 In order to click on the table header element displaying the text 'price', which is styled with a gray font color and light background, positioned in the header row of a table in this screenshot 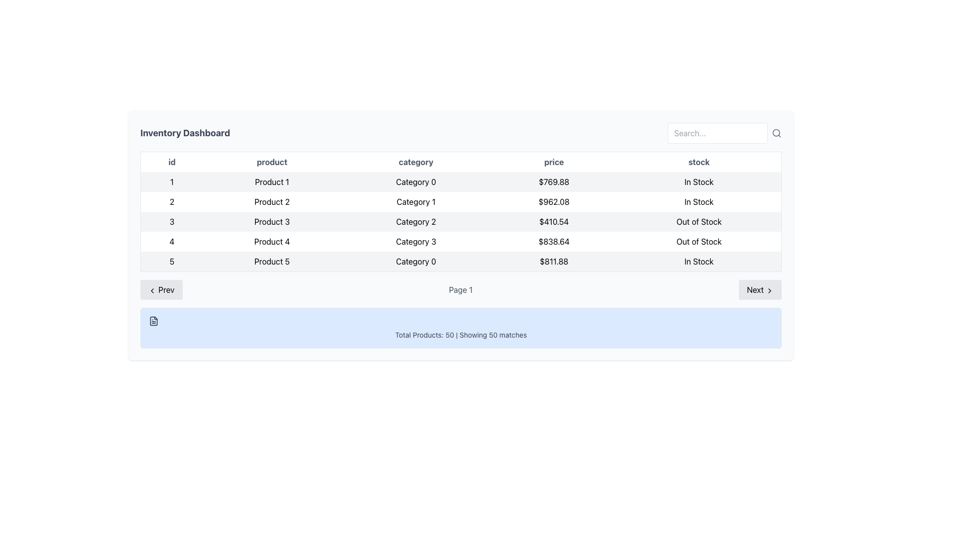, I will do `click(553, 161)`.